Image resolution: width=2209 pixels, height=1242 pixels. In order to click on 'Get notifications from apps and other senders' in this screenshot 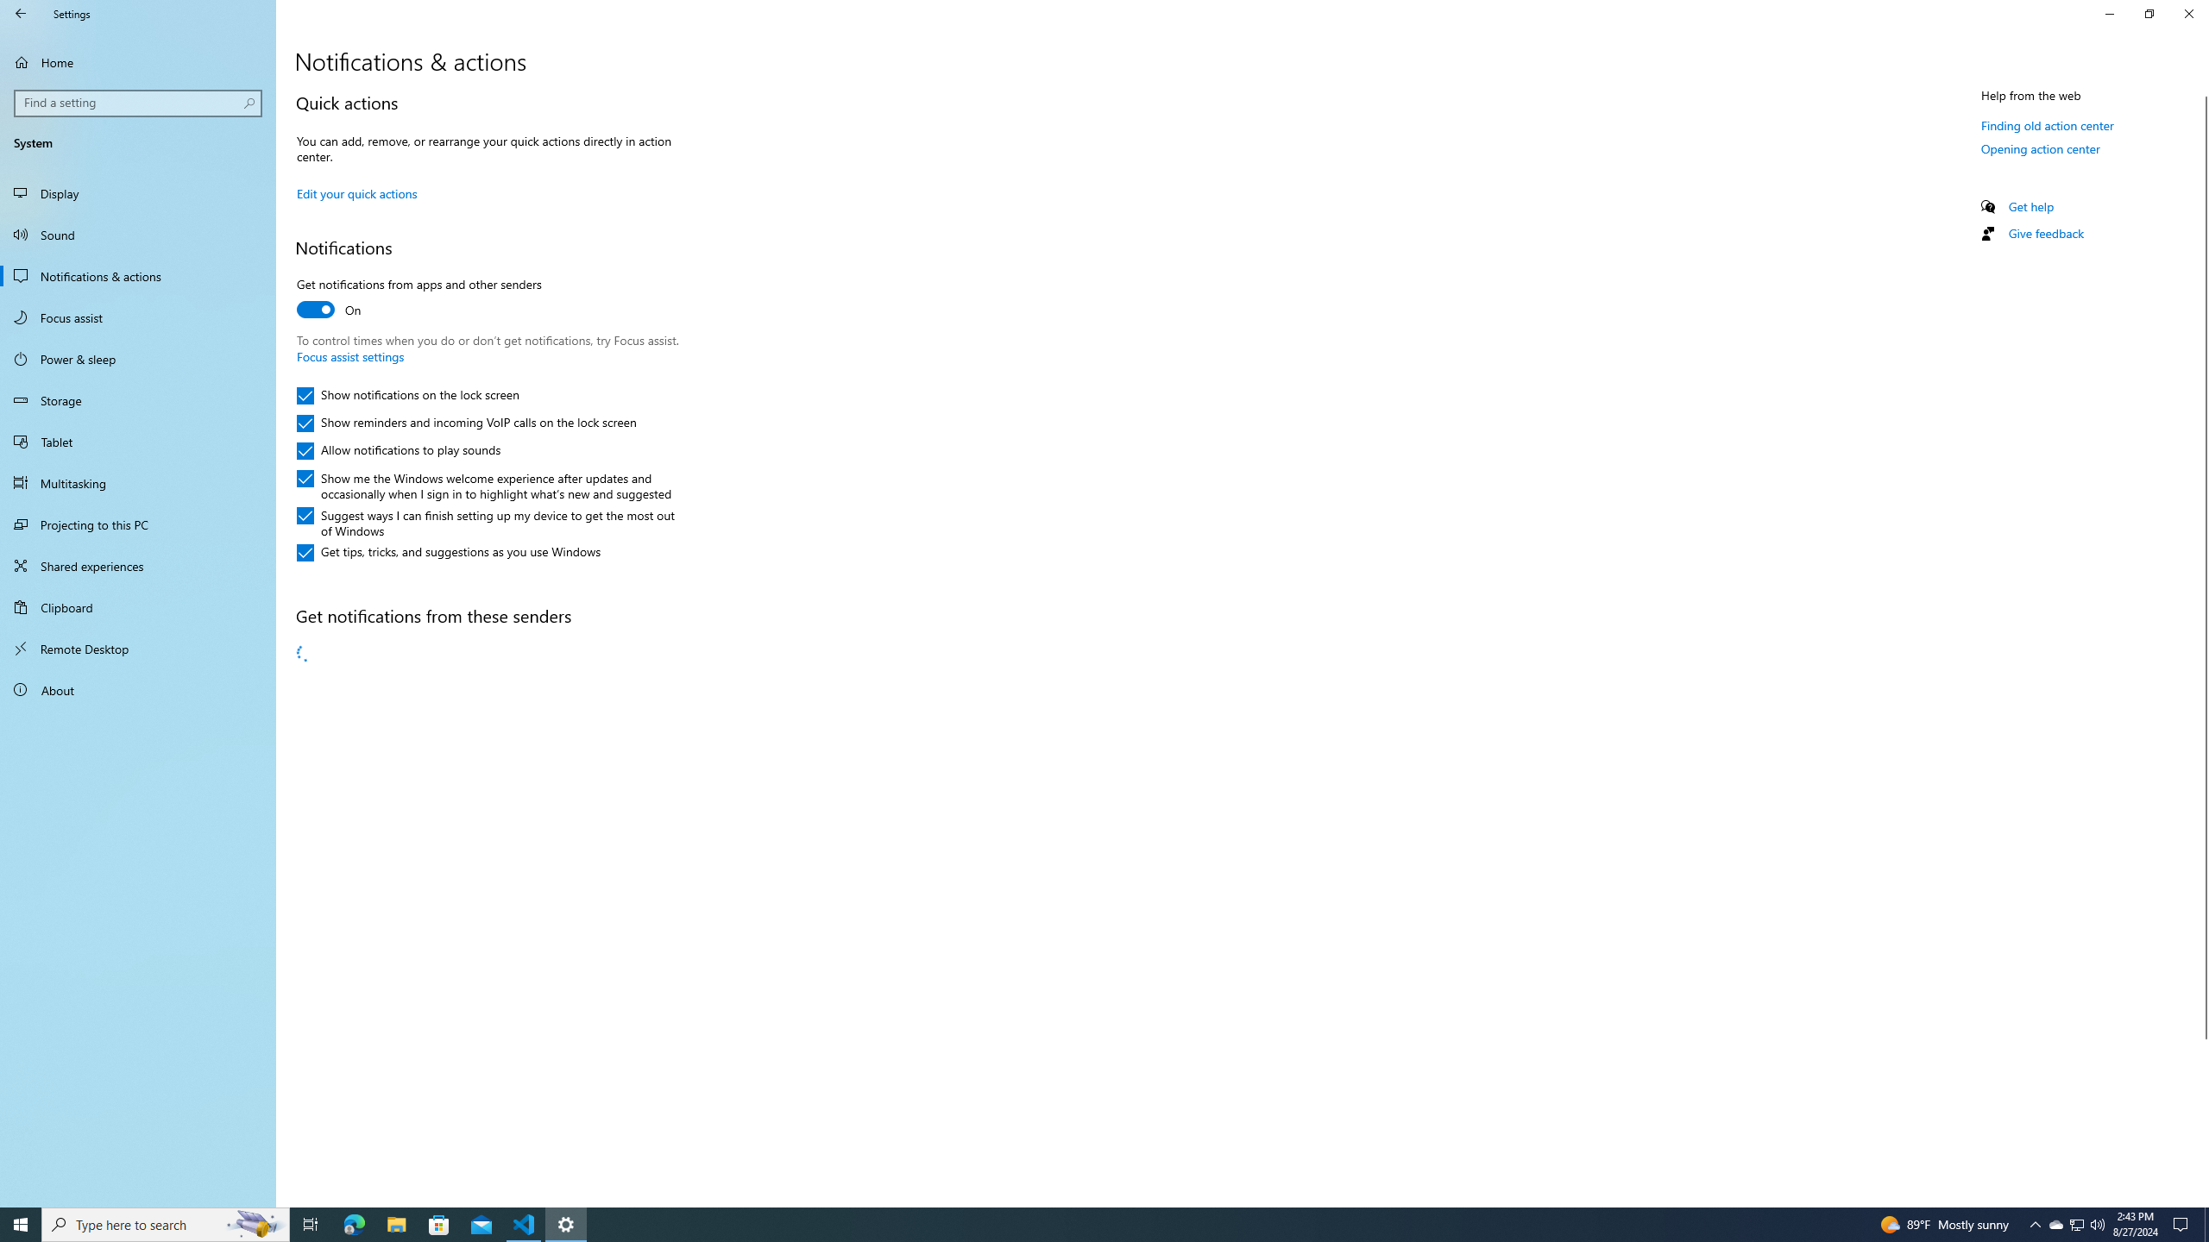, I will do `click(419, 298)`.